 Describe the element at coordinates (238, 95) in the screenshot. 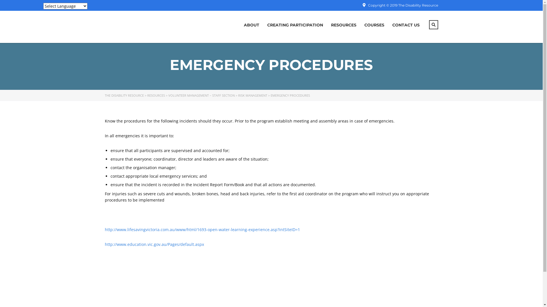

I see `'RISK MANAGEMENT'` at that location.